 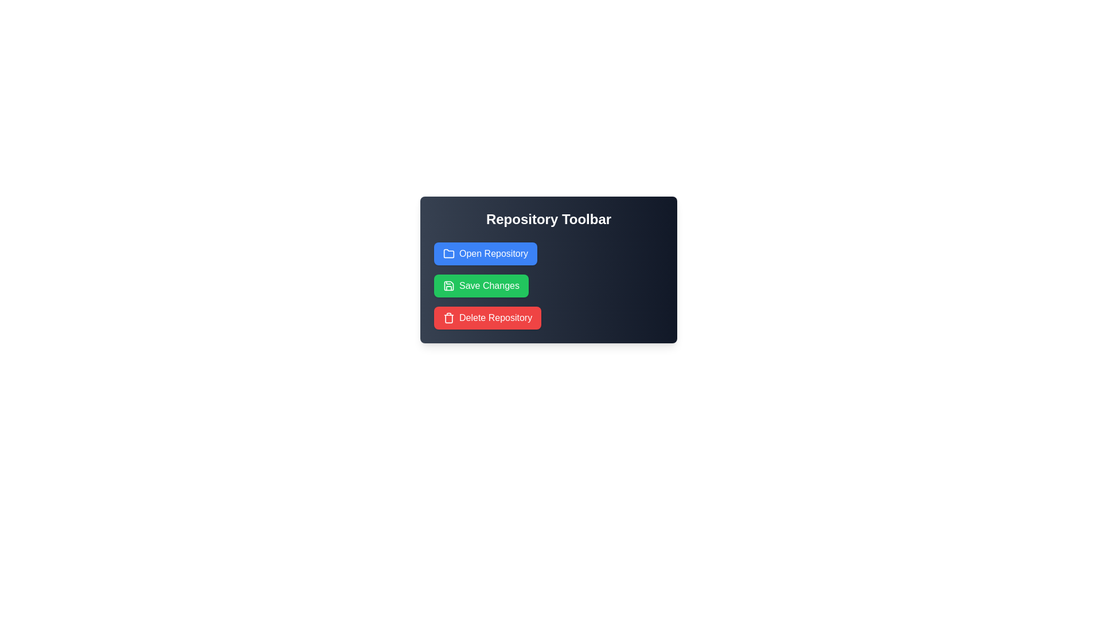 I want to click on the trash bin icon representing 'Delete Repository', which is a vertical rectangular shape with rounded corners, located within the red button at the bottom of the vertical stack, so click(x=448, y=318).